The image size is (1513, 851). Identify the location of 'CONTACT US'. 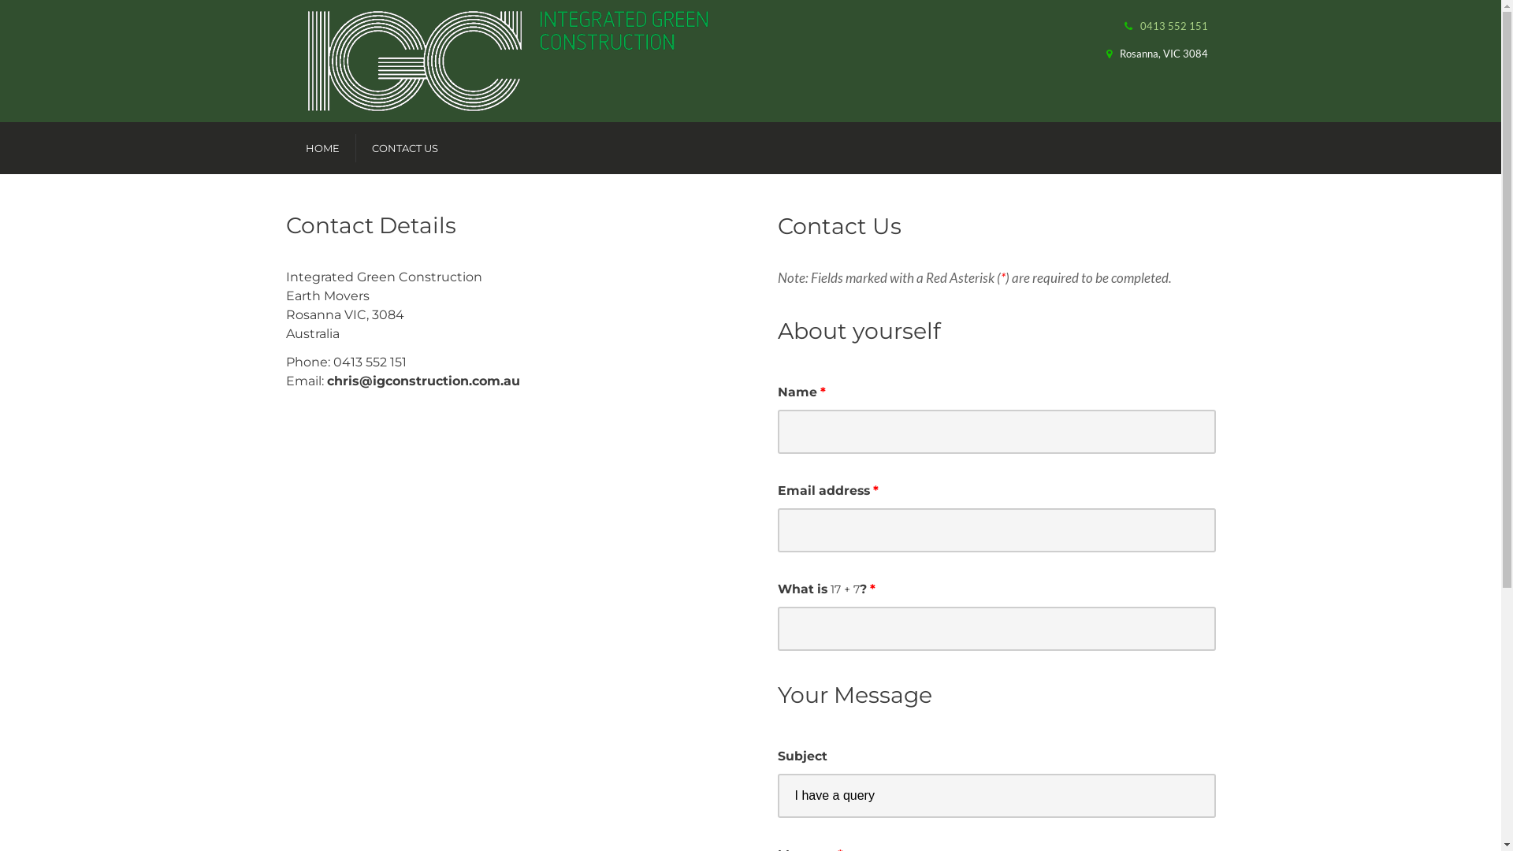
(355, 148).